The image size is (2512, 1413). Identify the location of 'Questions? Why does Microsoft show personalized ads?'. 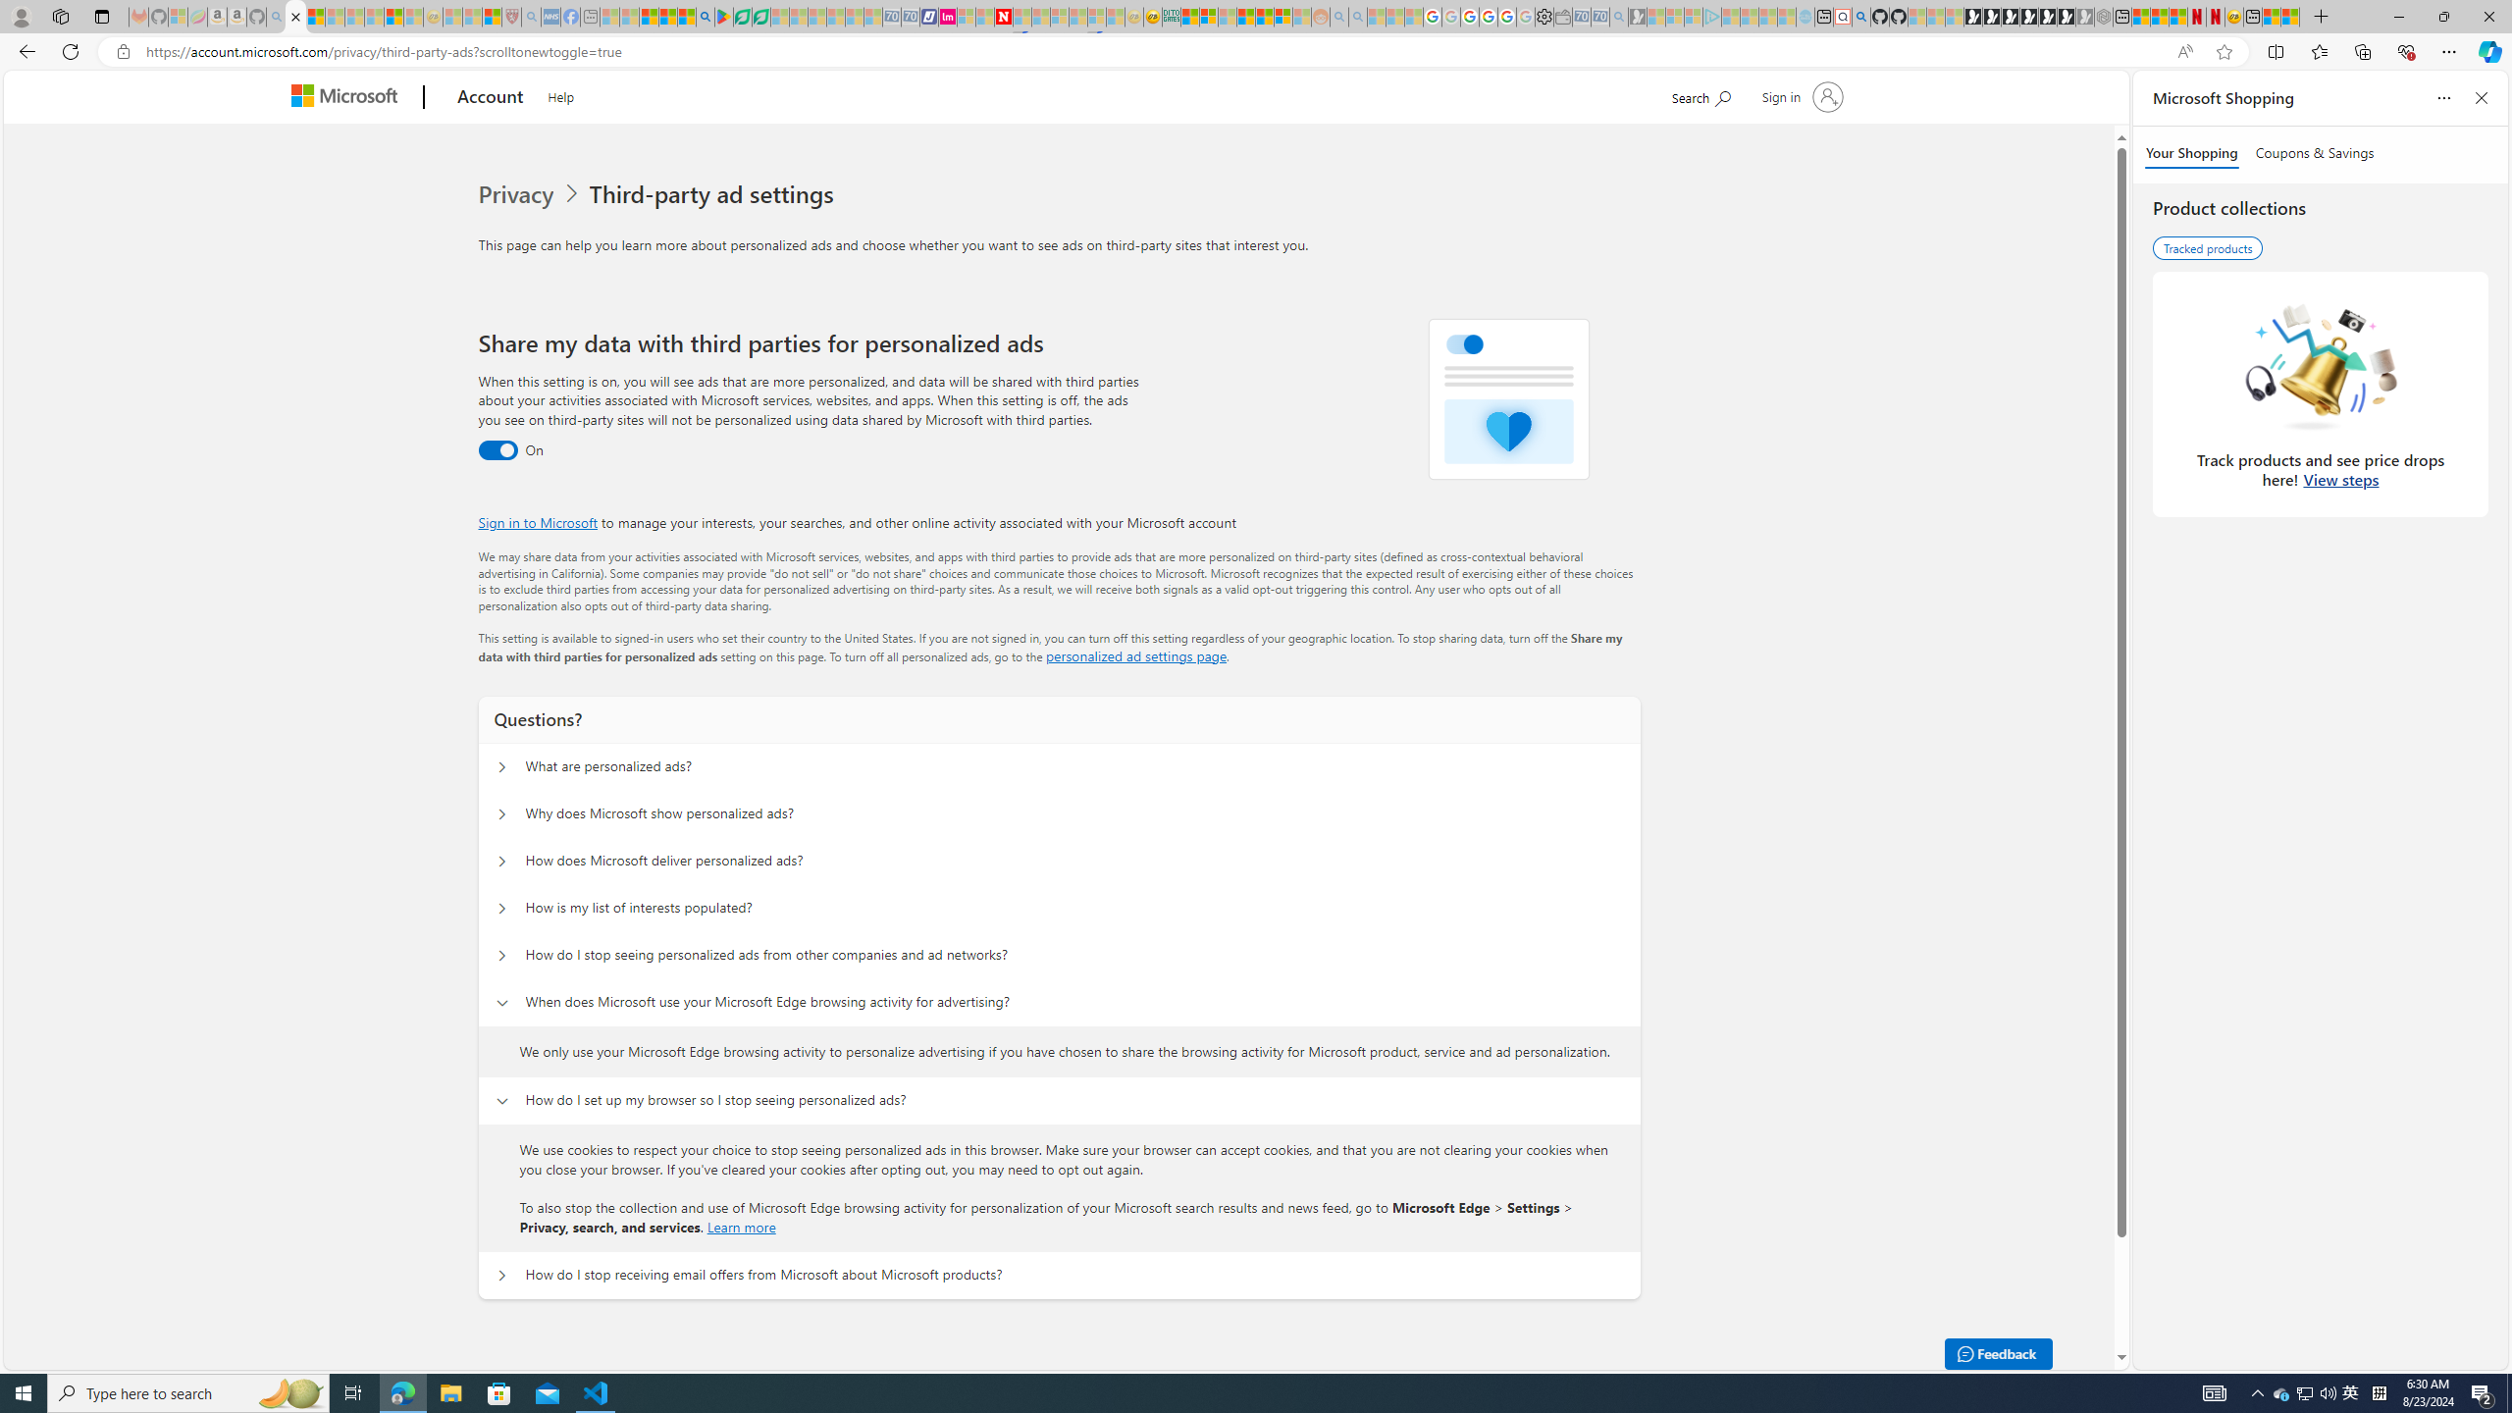
(499, 814).